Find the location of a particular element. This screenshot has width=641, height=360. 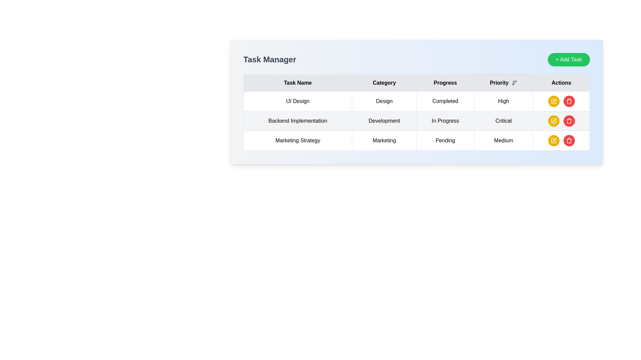

the yellow circular icon button resembling a pen in the 'Actions' column of the third row, next to the 'Marketing Strategy' task is located at coordinates (554, 140).